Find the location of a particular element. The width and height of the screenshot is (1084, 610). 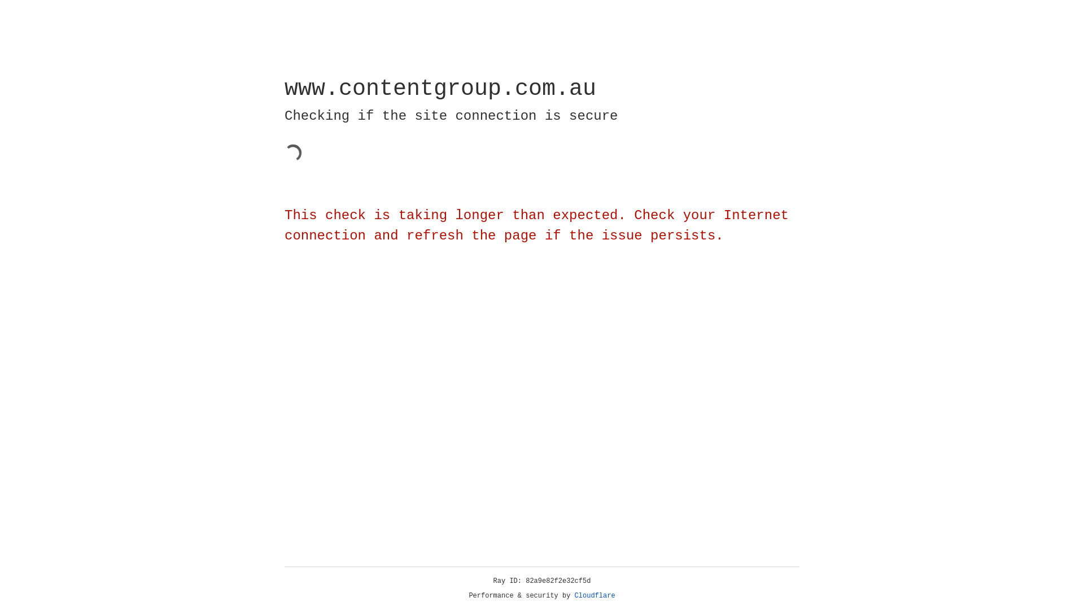

'Cloudflare' is located at coordinates (595, 595).